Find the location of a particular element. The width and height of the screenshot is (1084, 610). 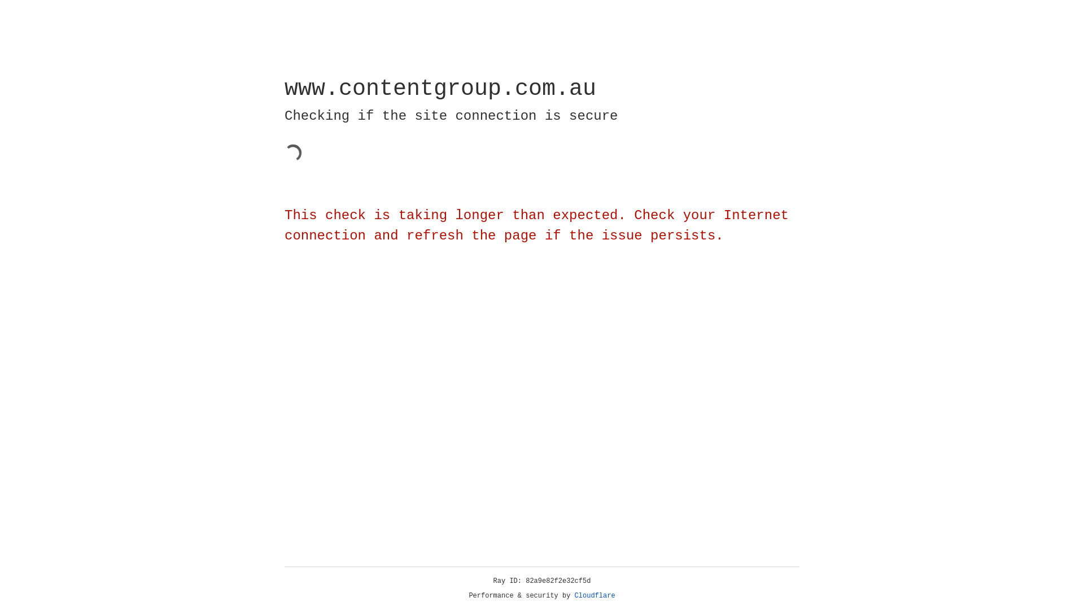

'Cloudflare' is located at coordinates (595, 595).